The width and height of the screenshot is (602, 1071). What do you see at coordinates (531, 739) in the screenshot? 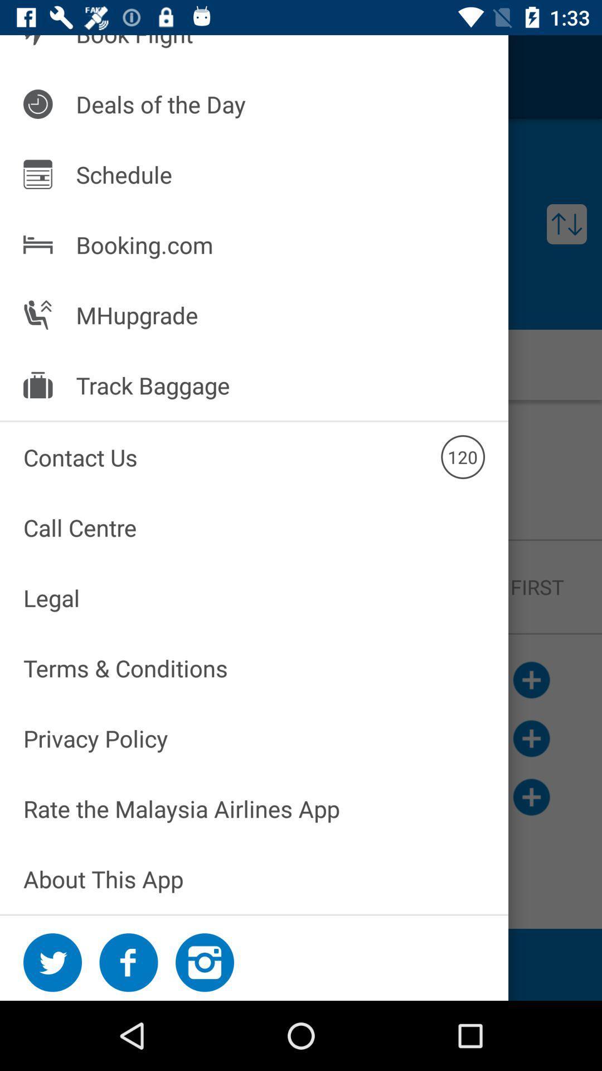
I see `the add icon` at bounding box center [531, 739].